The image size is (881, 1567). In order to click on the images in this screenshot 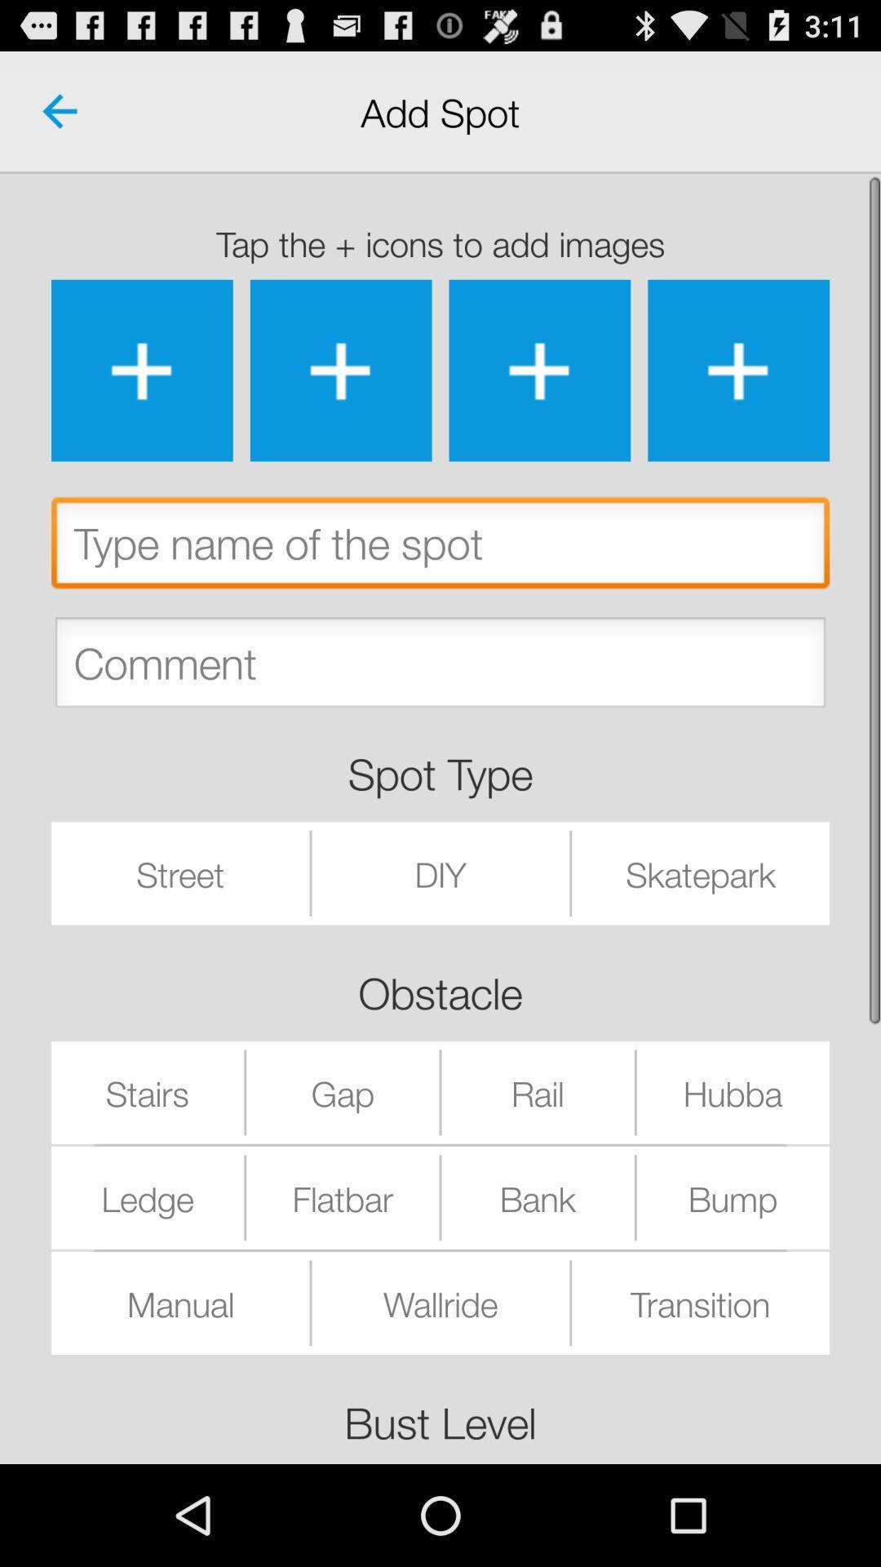, I will do `click(539, 370)`.